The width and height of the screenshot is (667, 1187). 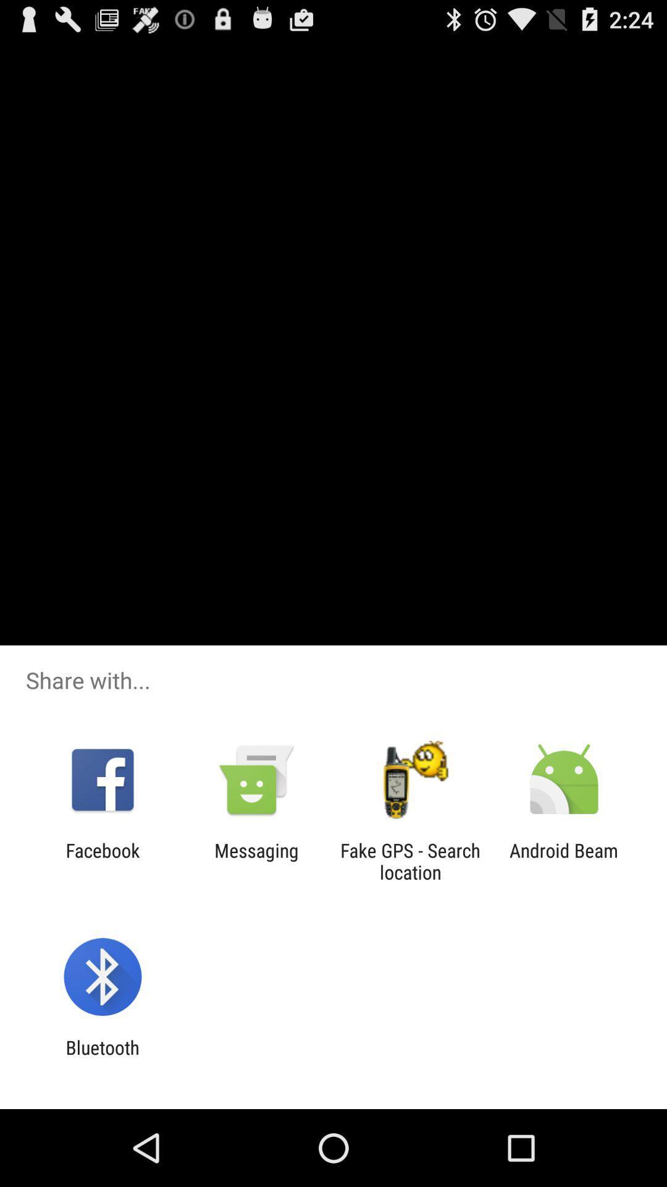 I want to click on the app at the bottom right corner, so click(x=564, y=861).